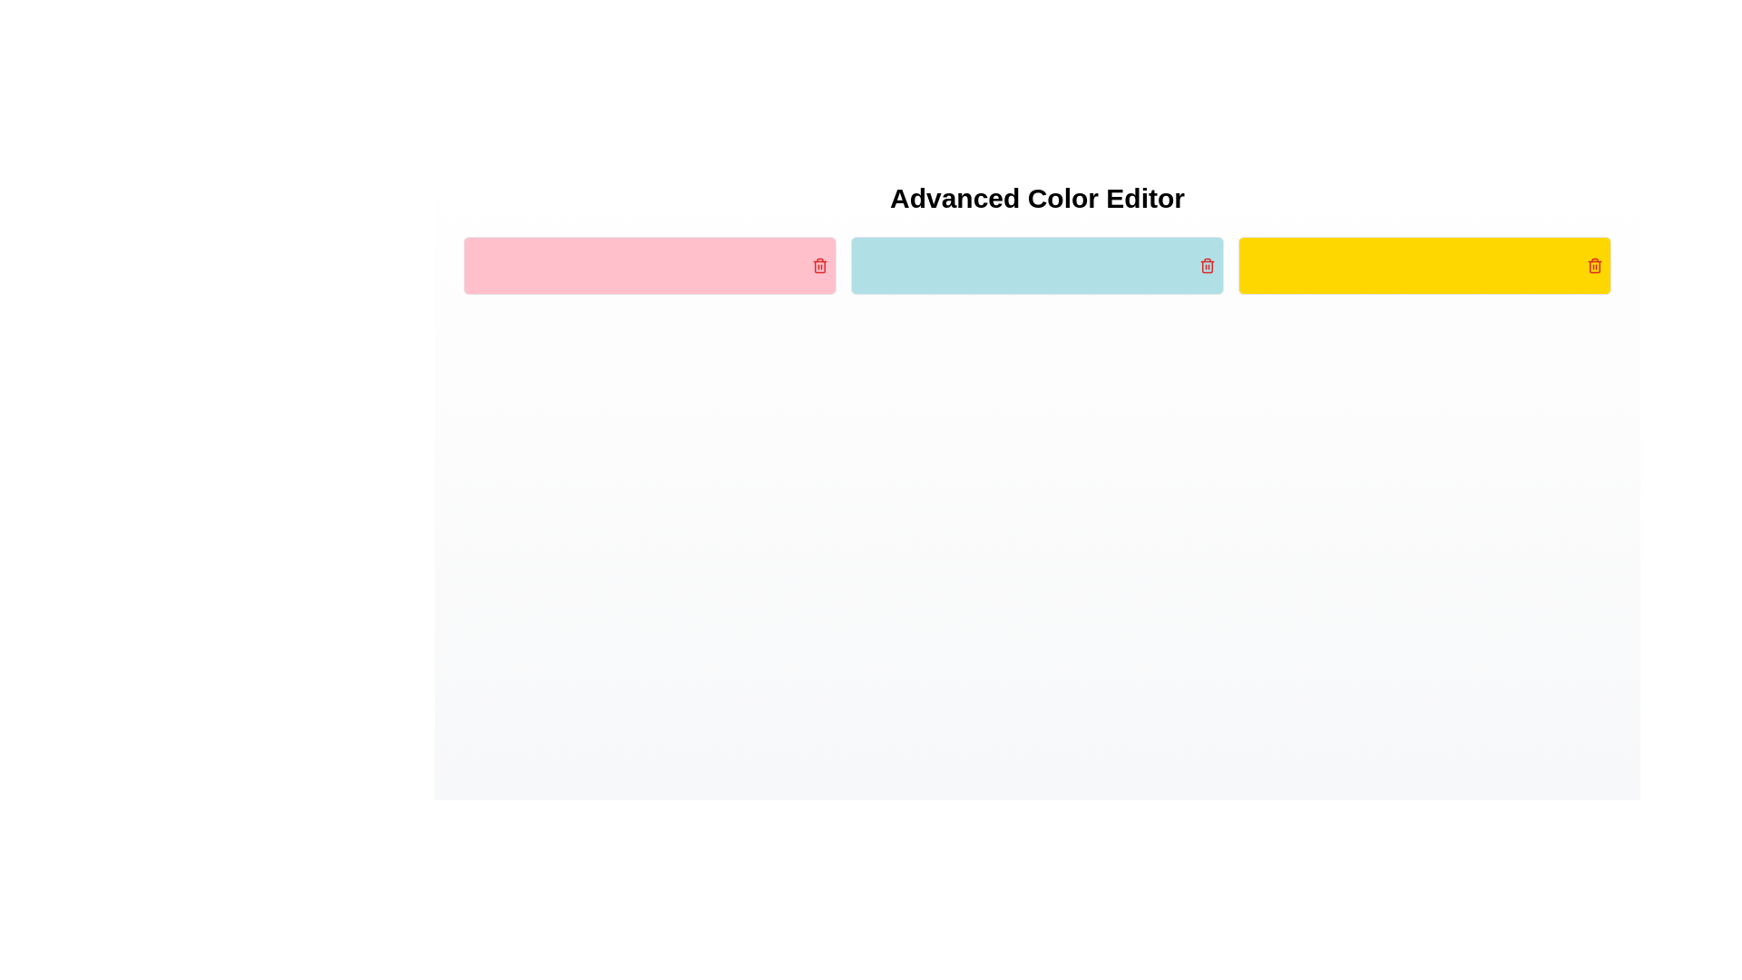 The width and height of the screenshot is (1742, 980). I want to click on the delete icon button located at the far right of the first light pink horizontal bar under the 'Advanced Color Editor' heading, so click(818, 266).